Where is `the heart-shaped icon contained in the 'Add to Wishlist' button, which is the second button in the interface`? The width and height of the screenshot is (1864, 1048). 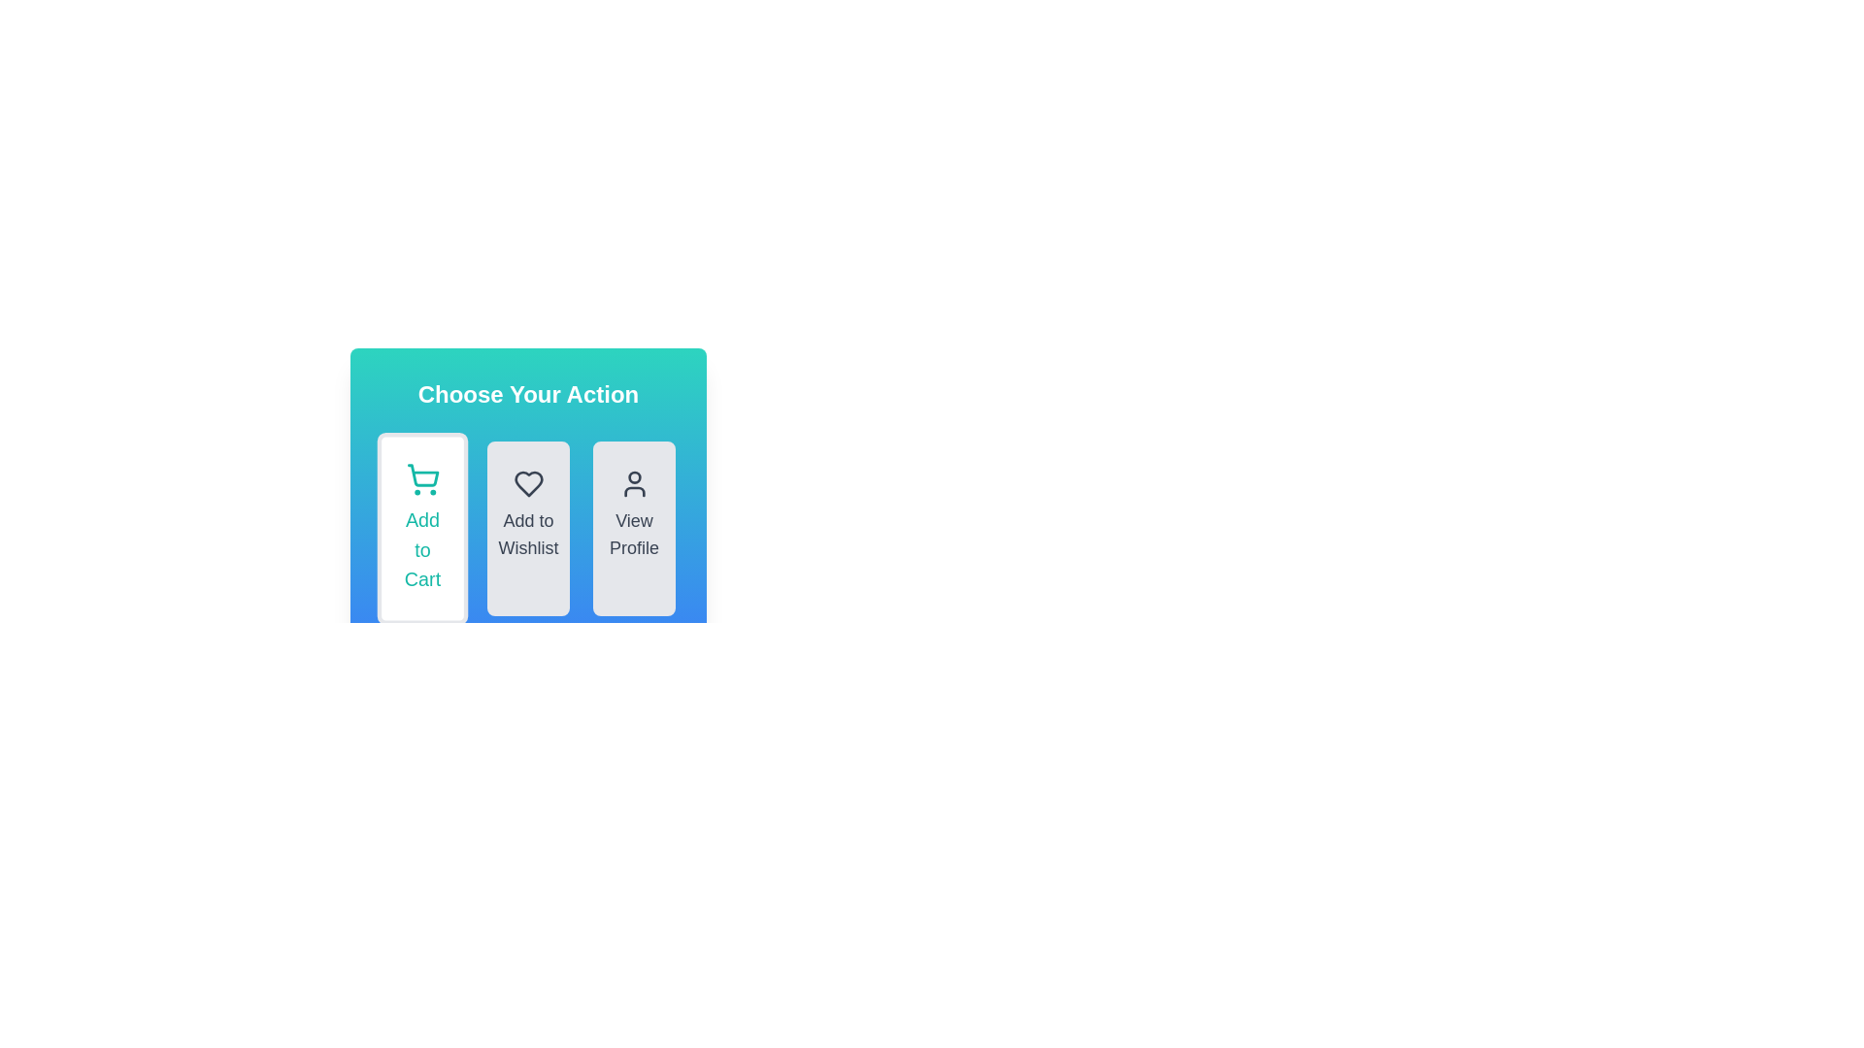 the heart-shaped icon contained in the 'Add to Wishlist' button, which is the second button in the interface is located at coordinates (528, 482).